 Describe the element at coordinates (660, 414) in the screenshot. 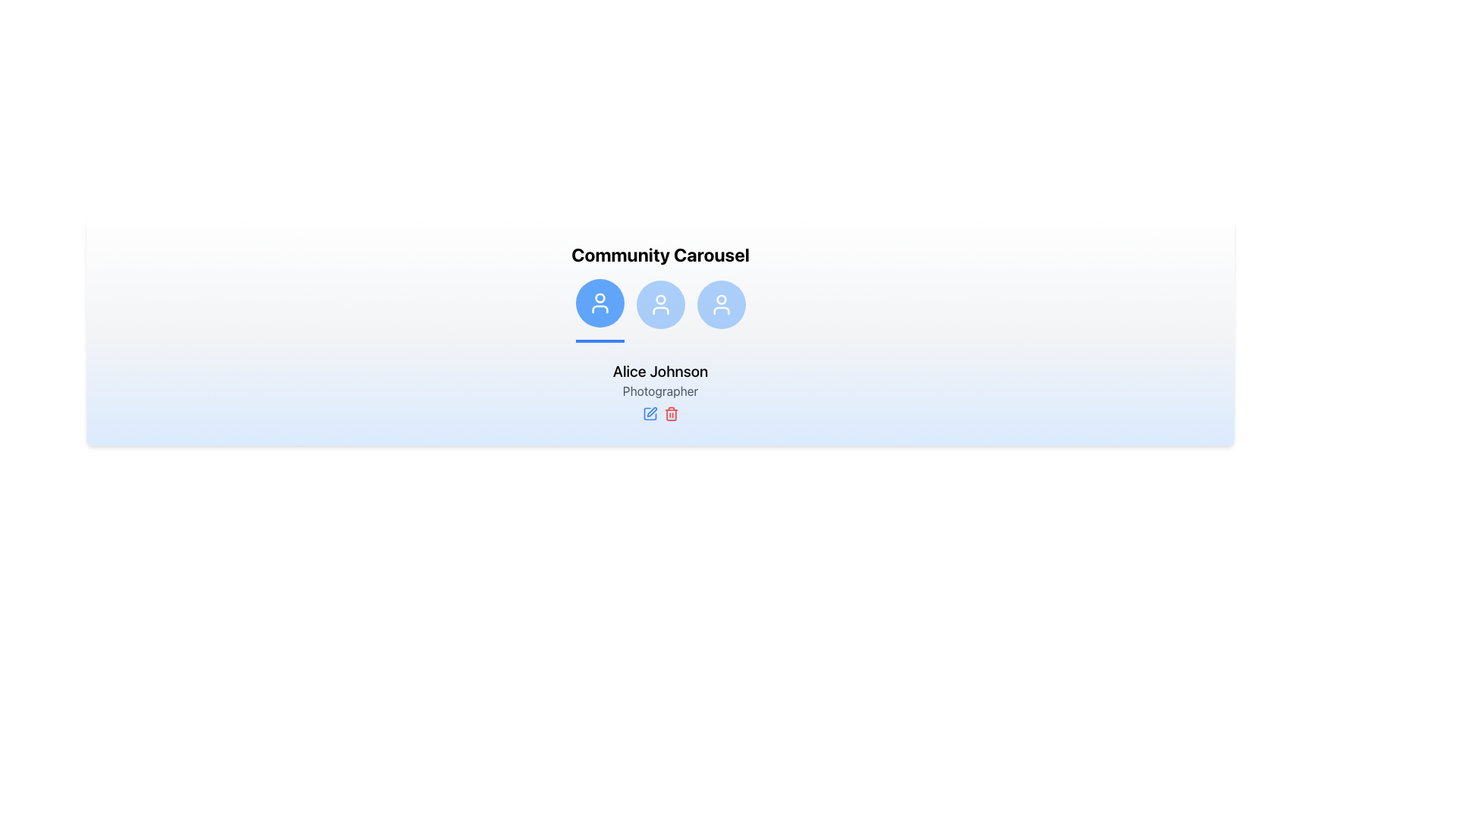

I see `the interactive icons in the menu bar beneath the 'Photographer' text` at that location.